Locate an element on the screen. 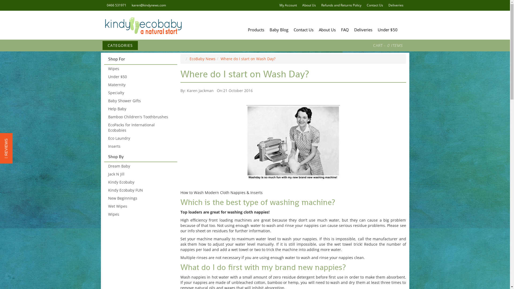 This screenshot has height=289, width=514. 'New Beginnings' is located at coordinates (140, 198).